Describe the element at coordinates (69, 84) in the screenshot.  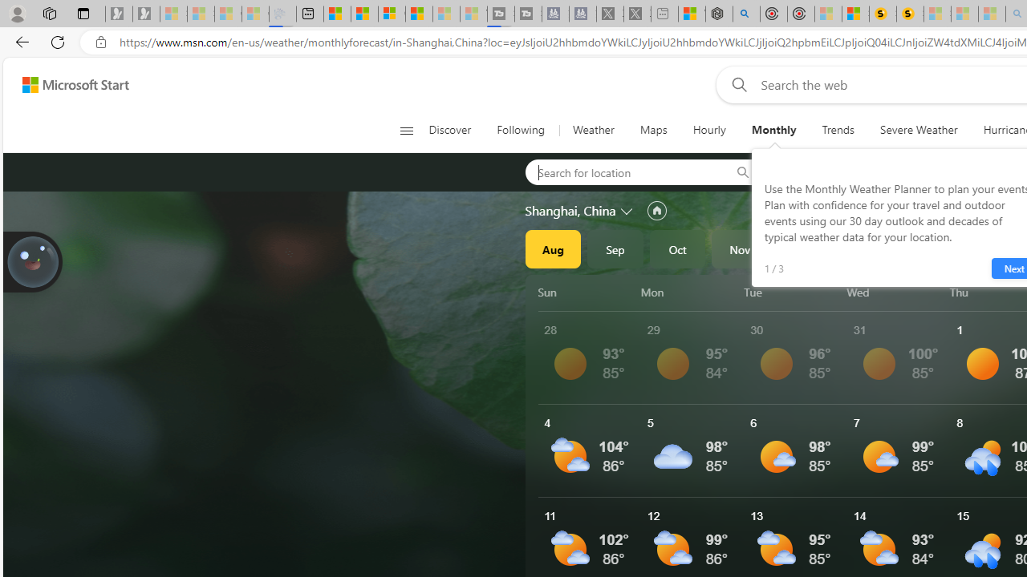
I see `'Skip to content'` at that location.